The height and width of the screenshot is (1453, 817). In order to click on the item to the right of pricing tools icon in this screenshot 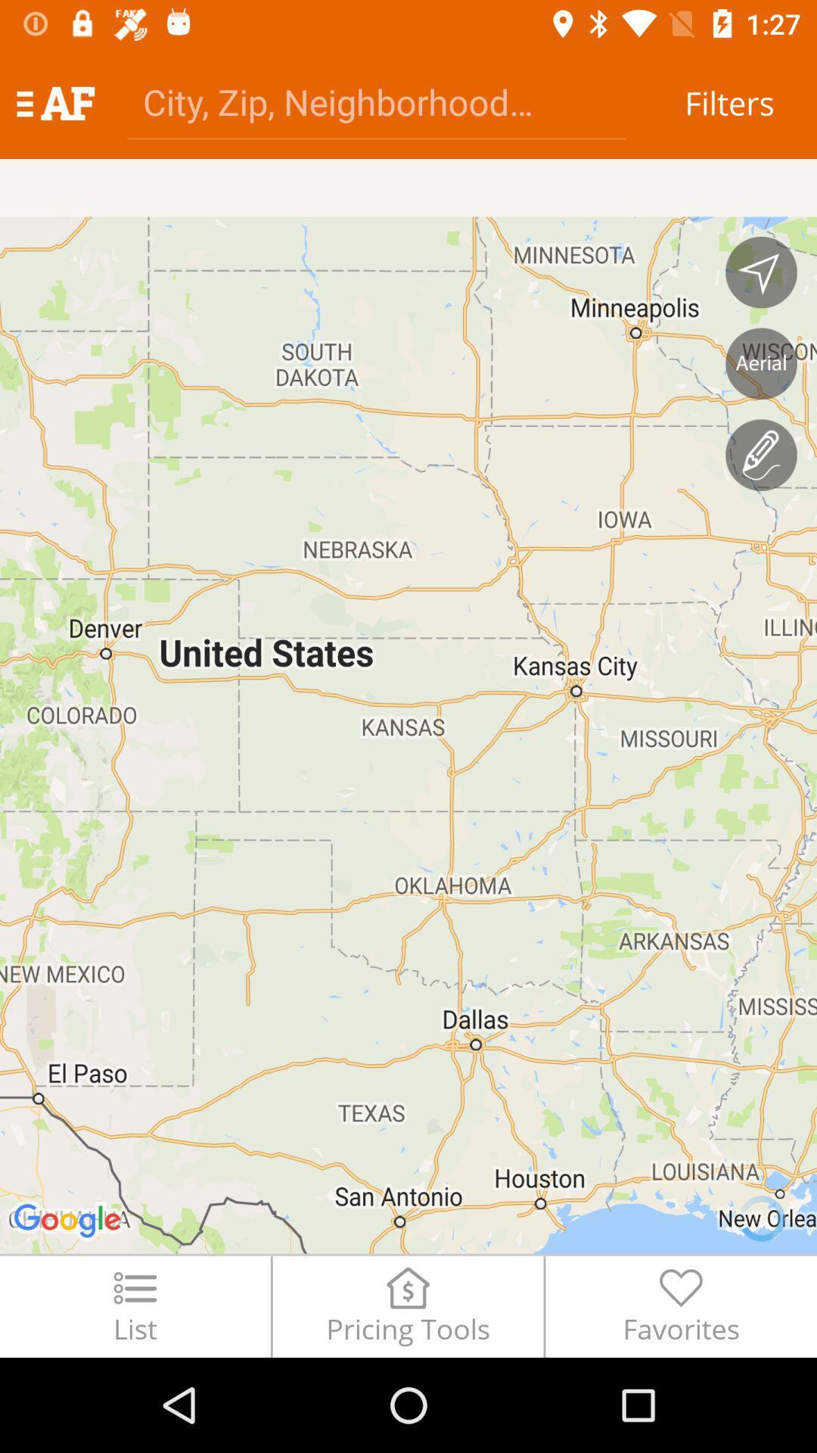, I will do `click(681, 1305)`.